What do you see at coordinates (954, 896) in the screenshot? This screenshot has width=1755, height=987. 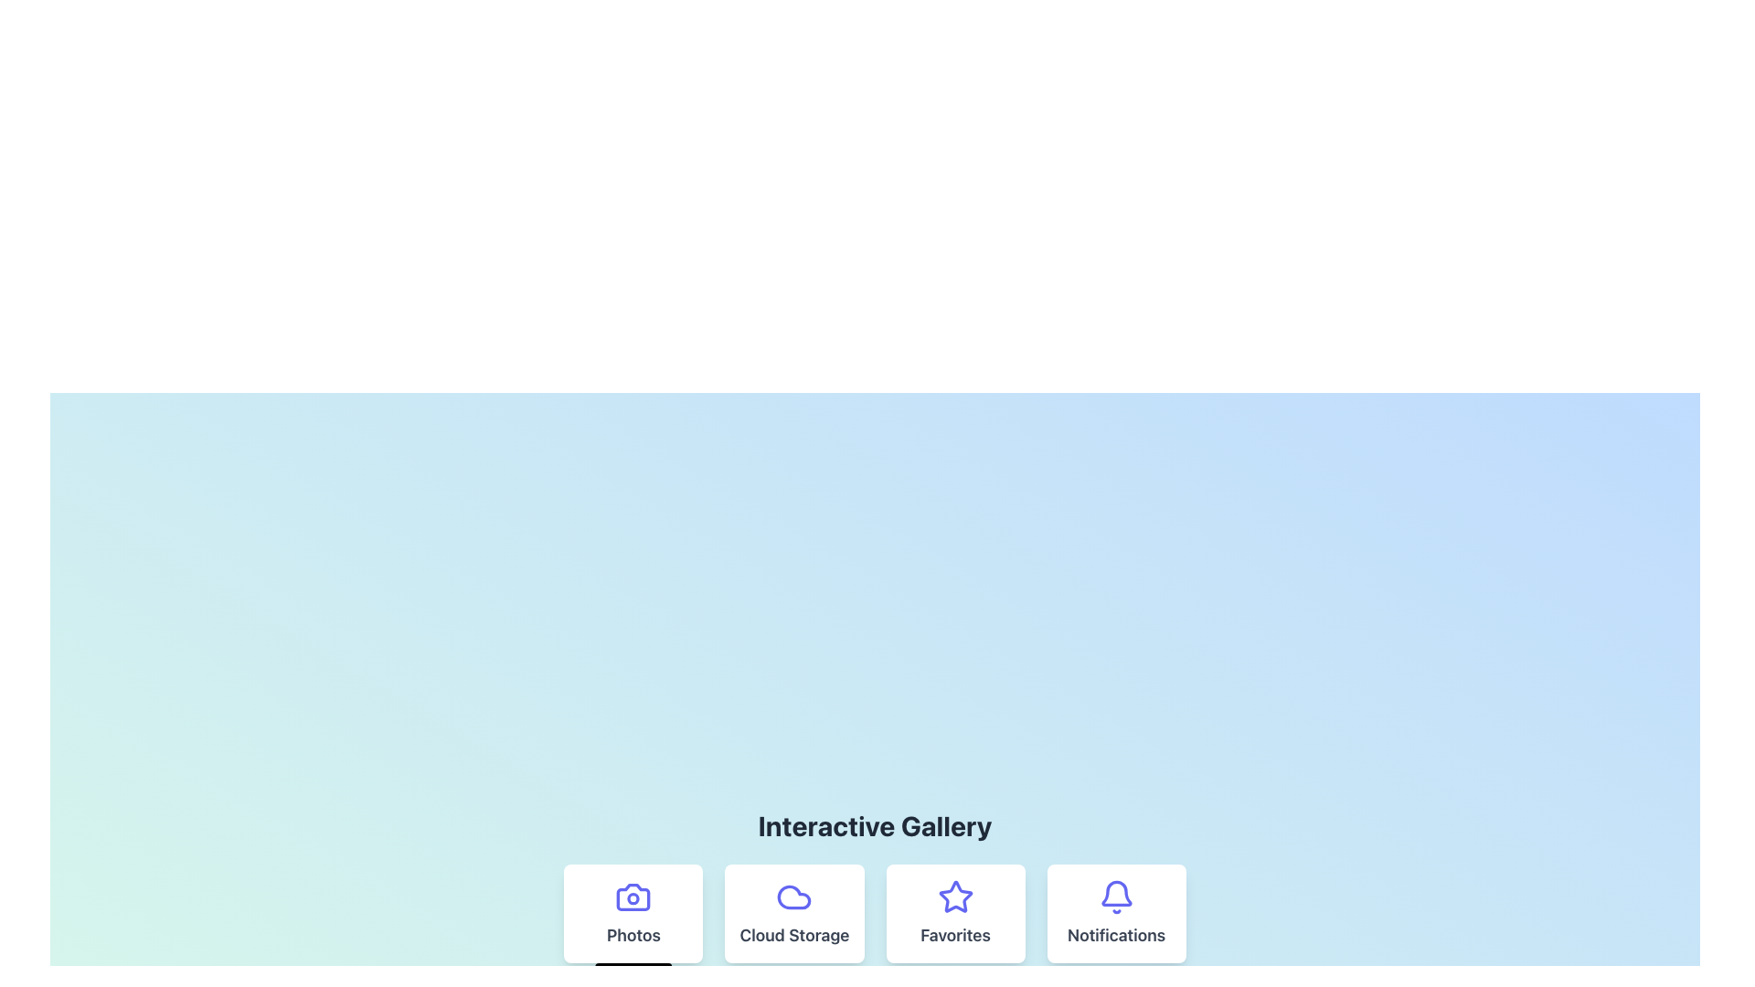 I see `the 'Favorites' icon located at the center of the bottom row of icons` at bounding box center [954, 896].